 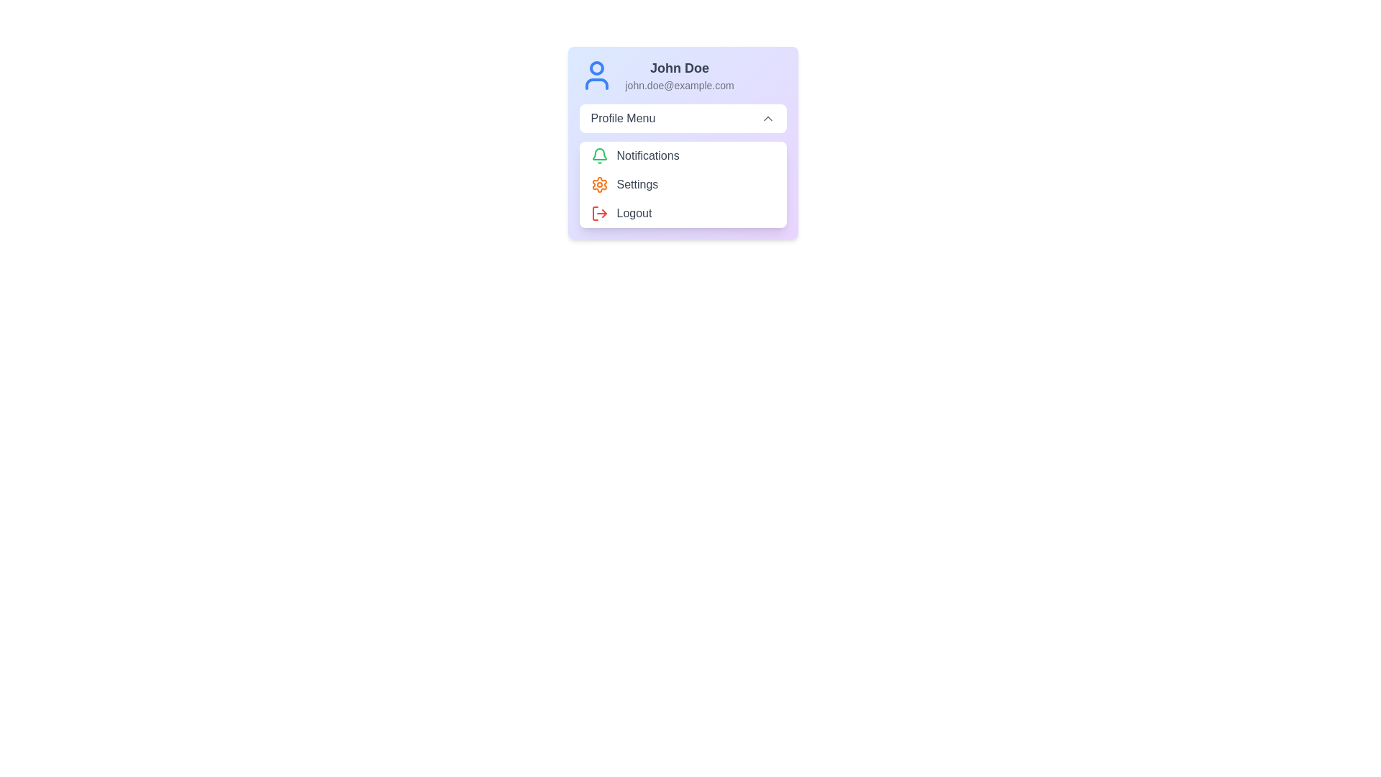 I want to click on the Profile Display Area that shows the user profile with the name 'John Doe' and email 'john.doe@example.com', so click(x=682, y=75).